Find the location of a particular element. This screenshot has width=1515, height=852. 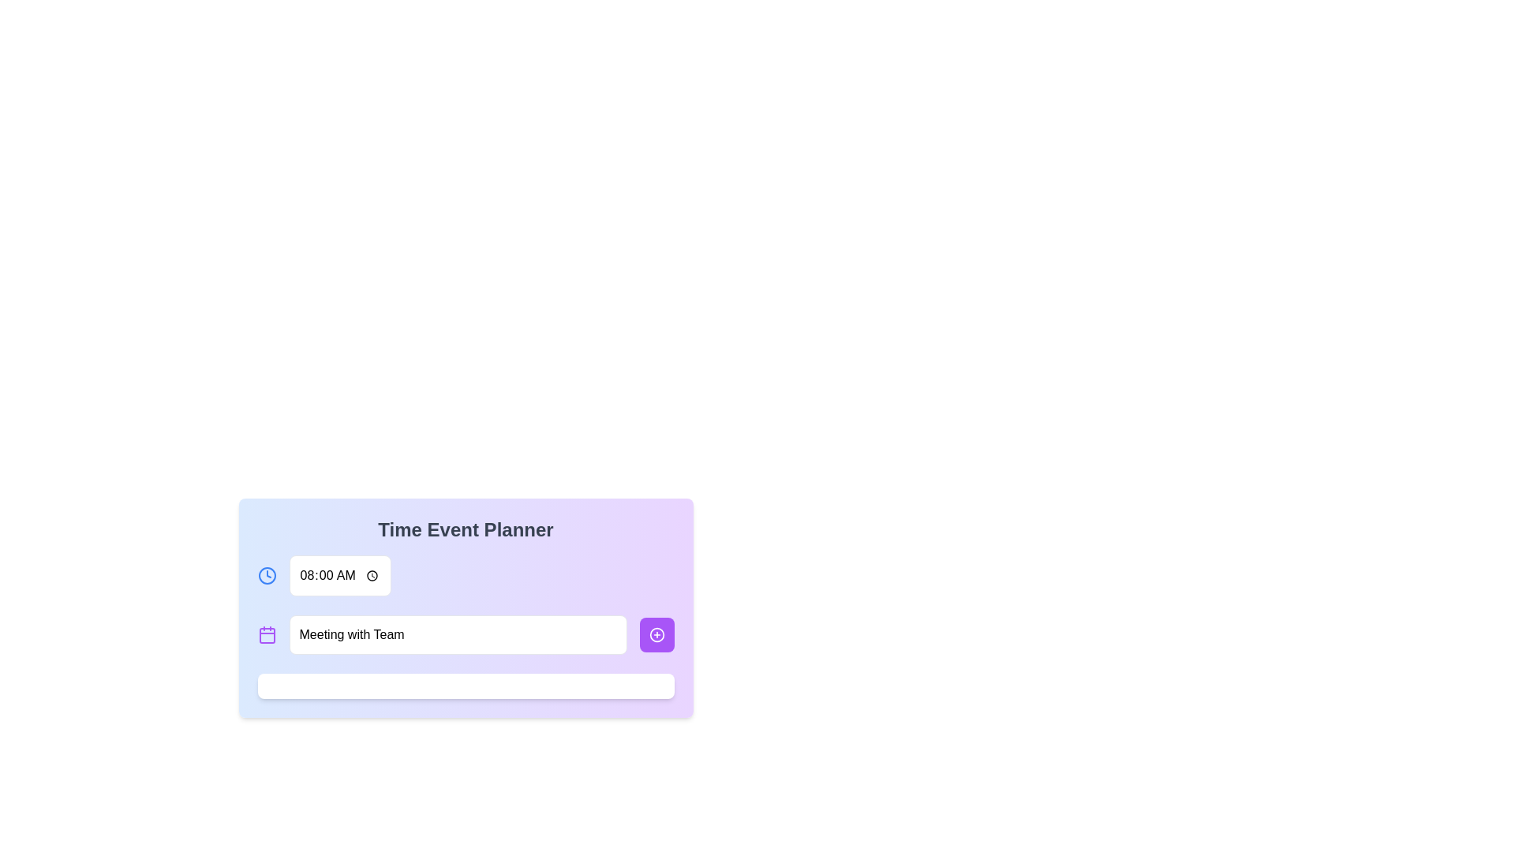

the decorative SVG circle element that completes the design of the plus icon situated at the bottom-right corner of the card interface is located at coordinates (656, 634).